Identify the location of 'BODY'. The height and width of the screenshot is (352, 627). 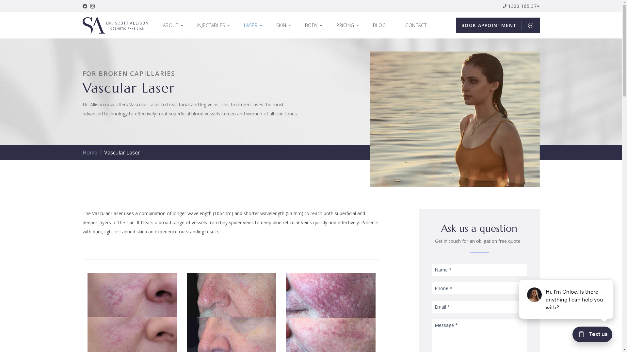
(314, 25).